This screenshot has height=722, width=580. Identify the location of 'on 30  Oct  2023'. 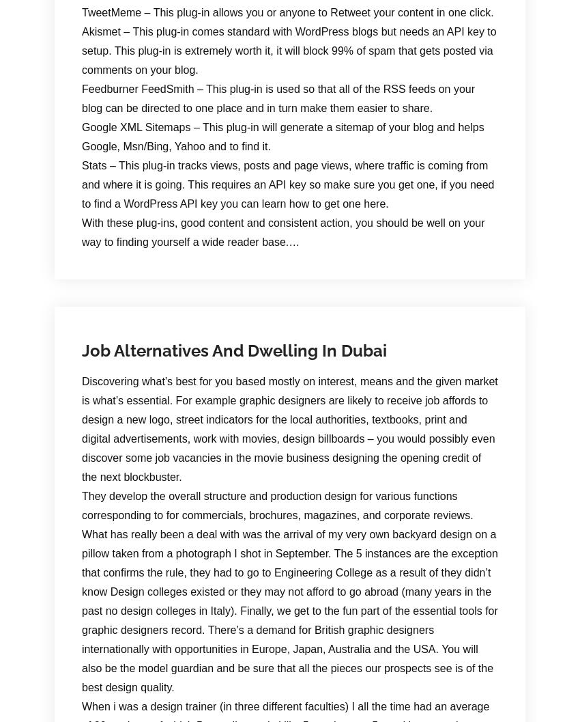
(147, 240).